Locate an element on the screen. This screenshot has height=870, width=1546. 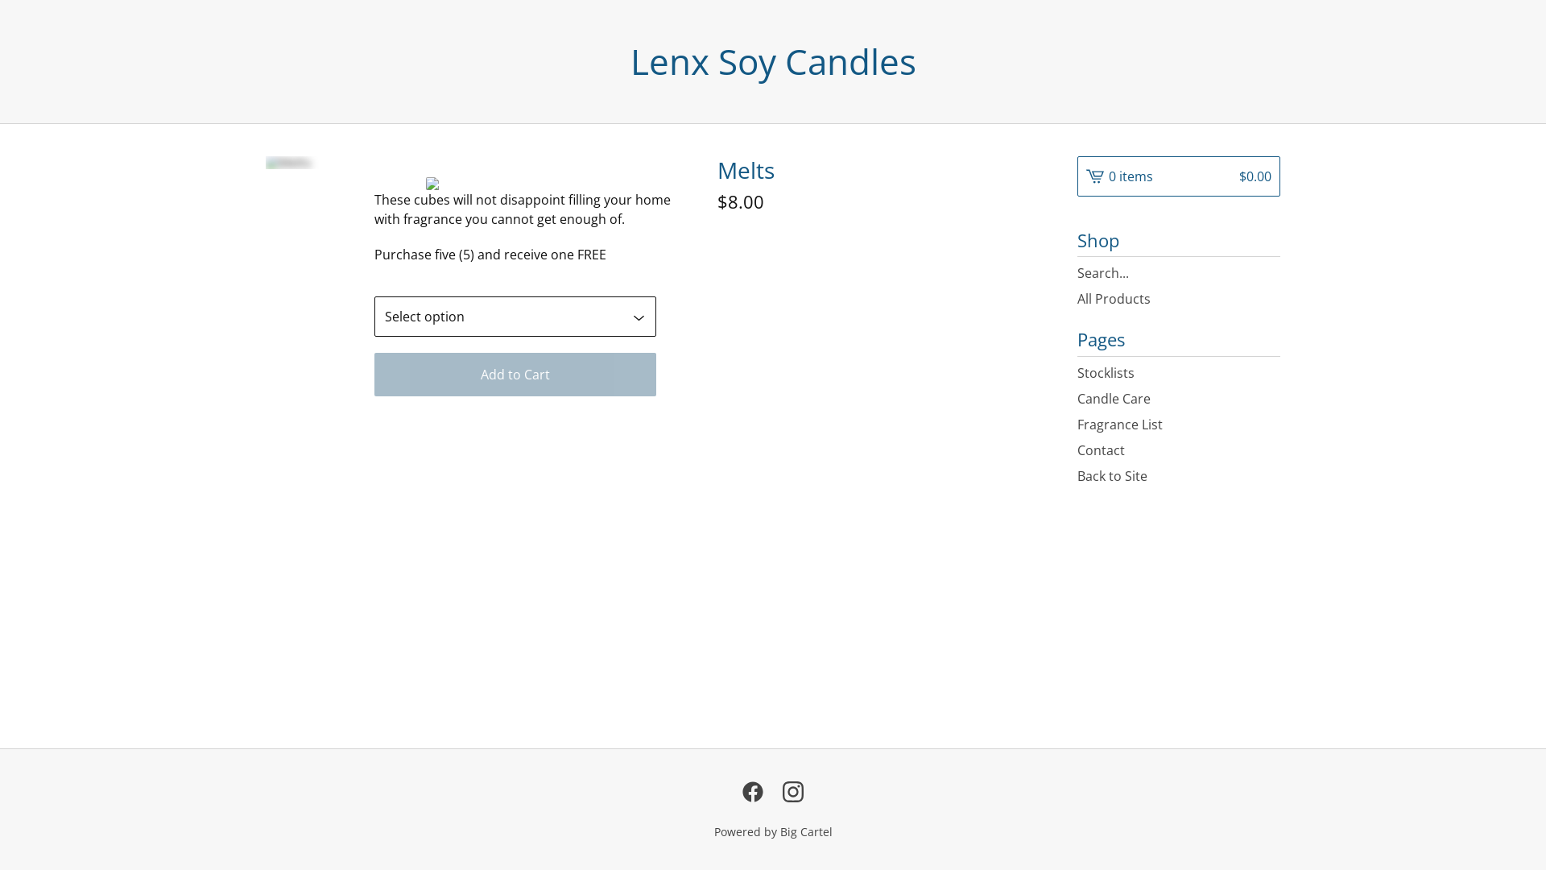
'Candle Care' is located at coordinates (1179, 398).